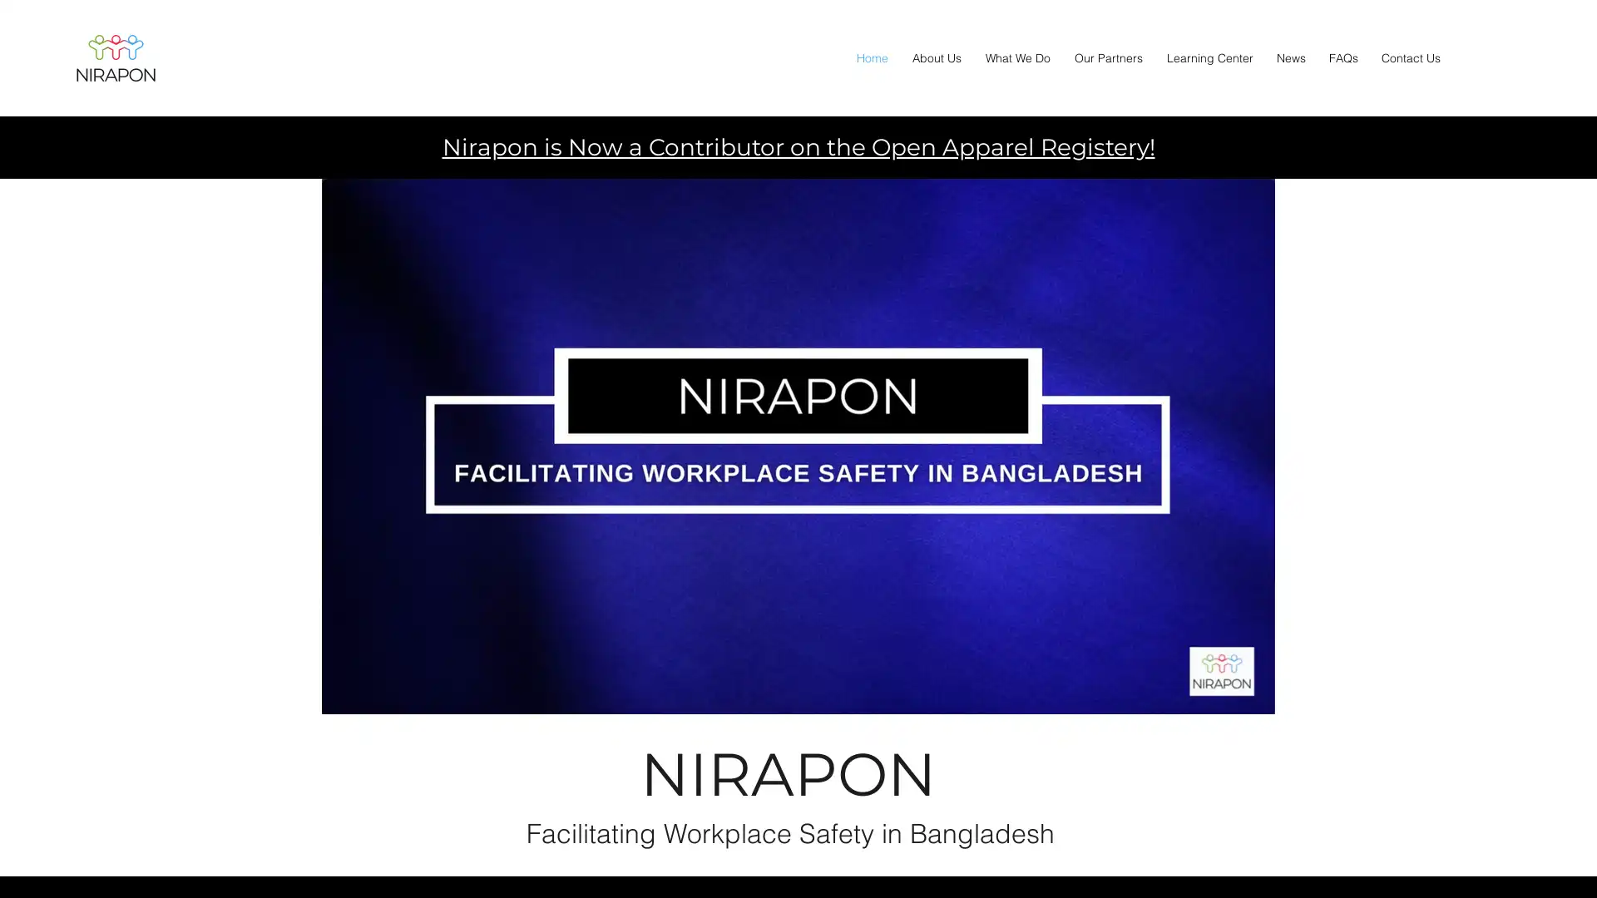  I want to click on Play video, so click(798, 445).